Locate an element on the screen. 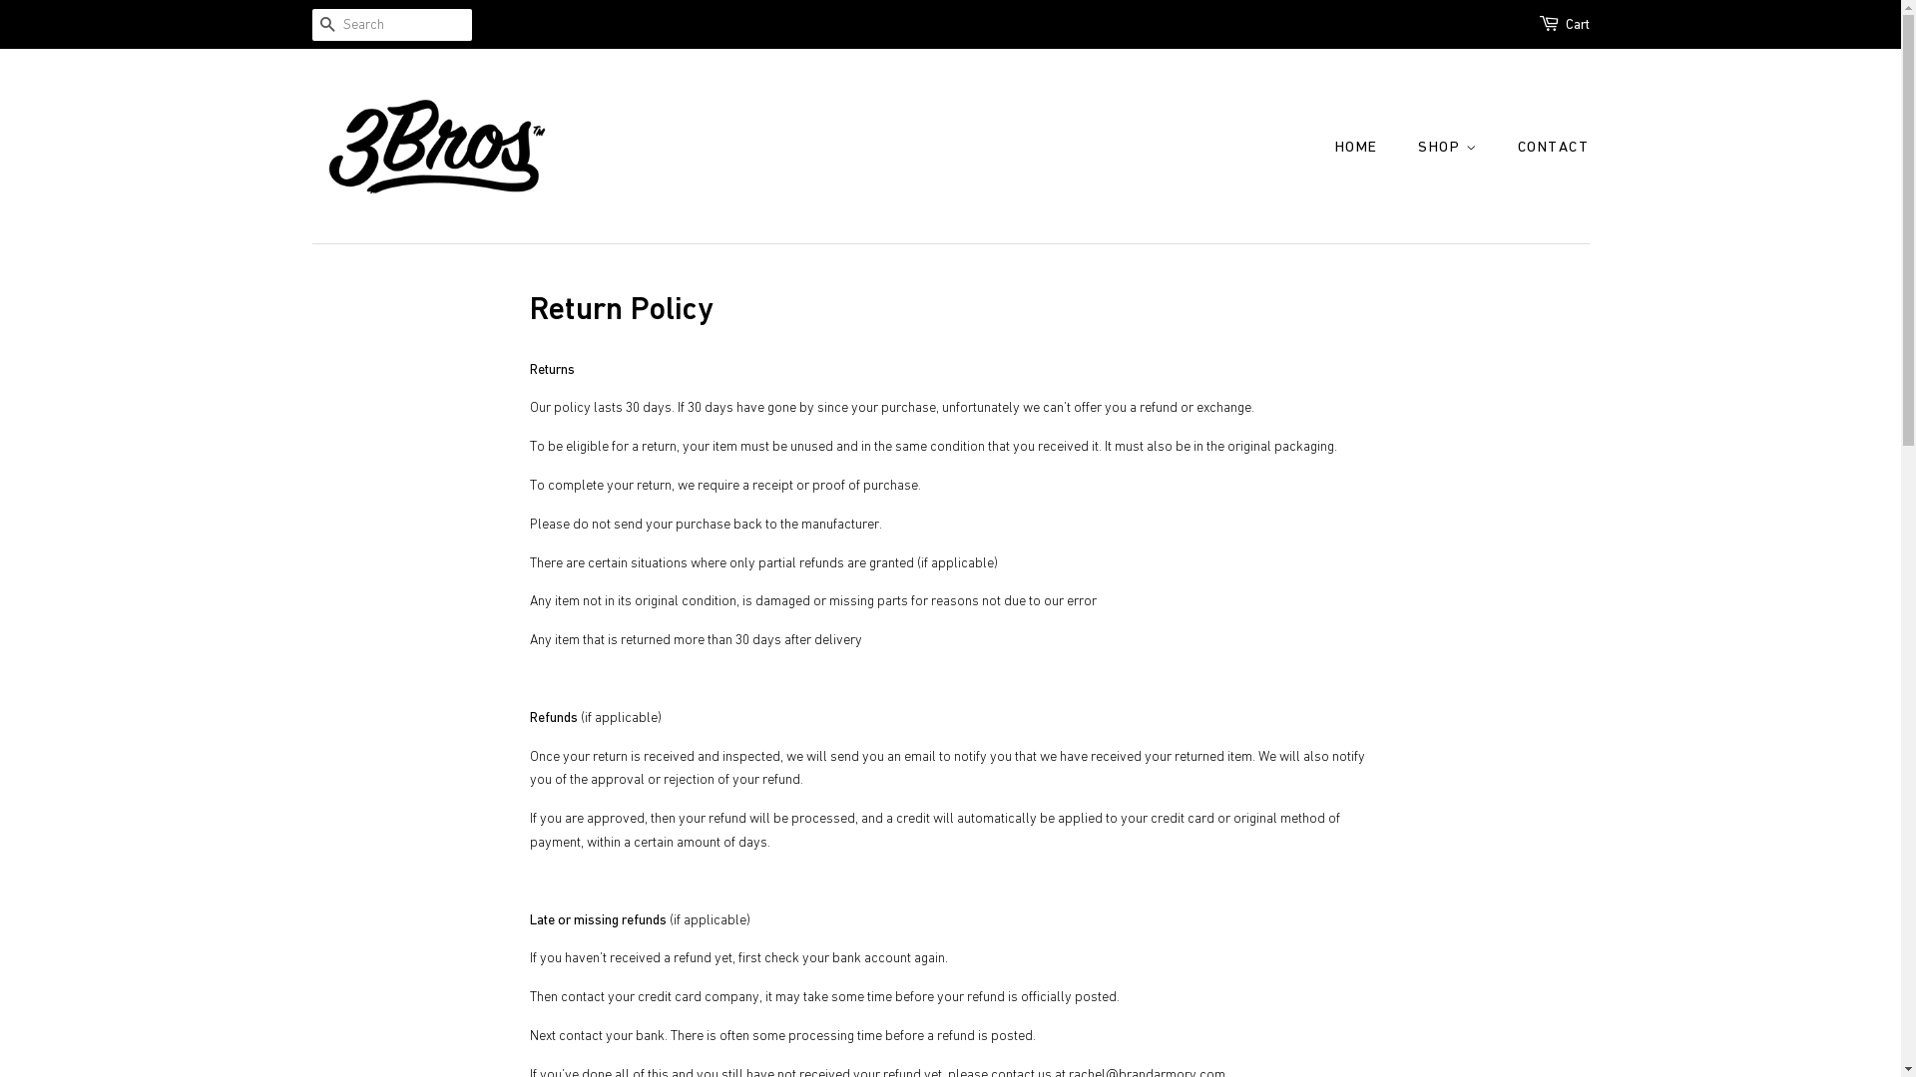 The width and height of the screenshot is (1916, 1077). 'SHOP' is located at coordinates (1402, 145).